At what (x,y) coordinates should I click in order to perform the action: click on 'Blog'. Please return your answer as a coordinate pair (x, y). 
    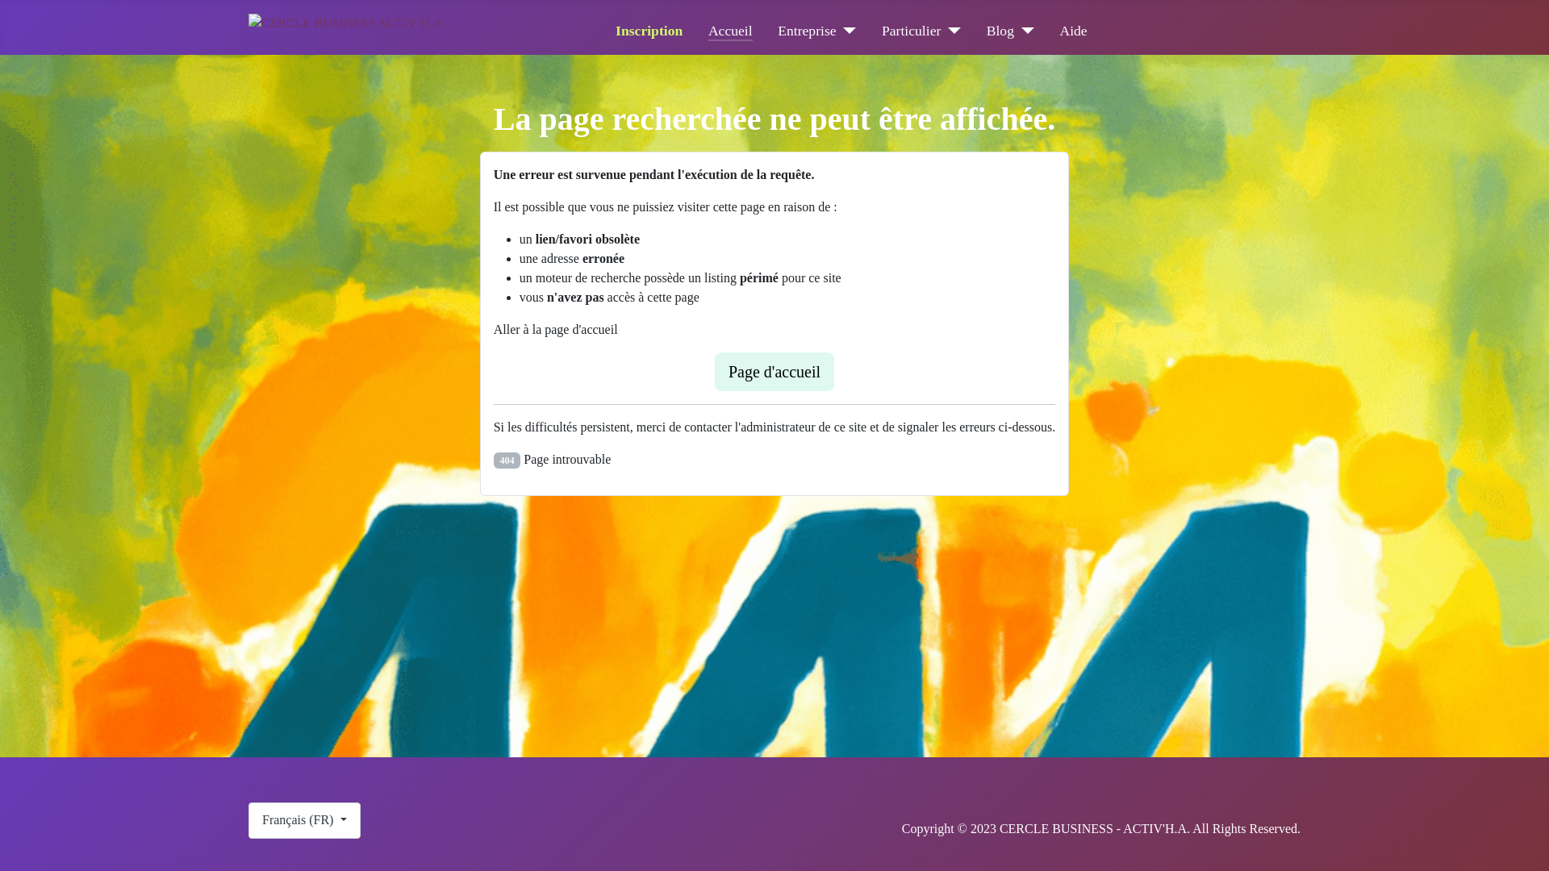
    Looking at the image, I should click on (986, 31).